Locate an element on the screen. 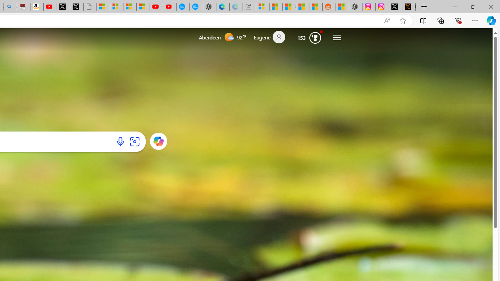 This screenshot has width=500, height=281. 'The most popular Google ' is located at coordinates (196, 7).